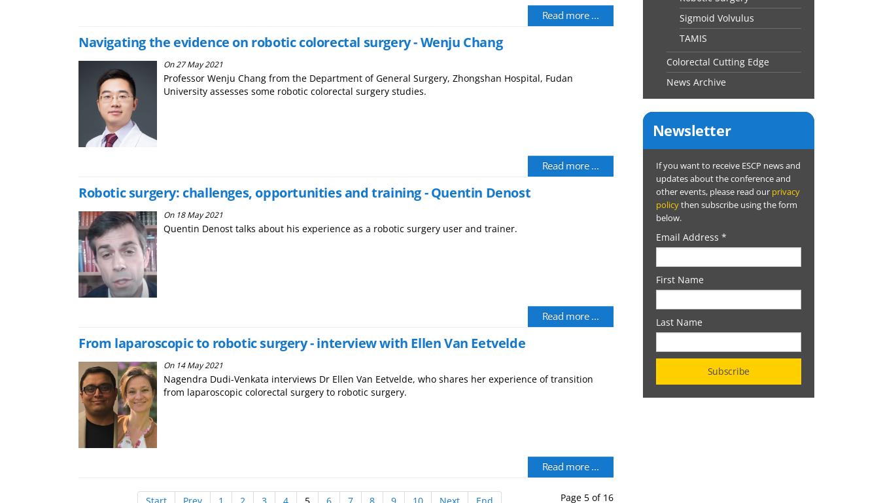  Describe the element at coordinates (727, 178) in the screenshot. I see `'If you want to receive ESCP news and updates about the conference and other events, please read our'` at that location.